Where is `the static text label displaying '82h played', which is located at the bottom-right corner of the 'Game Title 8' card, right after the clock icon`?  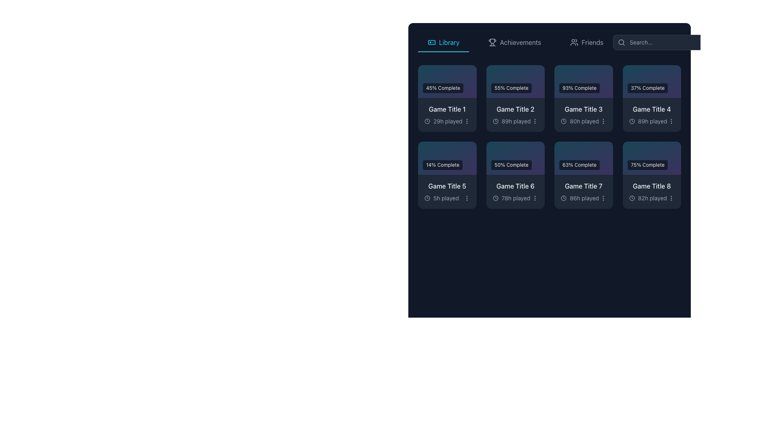
the static text label displaying '82h played', which is located at the bottom-right corner of the 'Game Title 8' card, right after the clock icon is located at coordinates (652, 198).